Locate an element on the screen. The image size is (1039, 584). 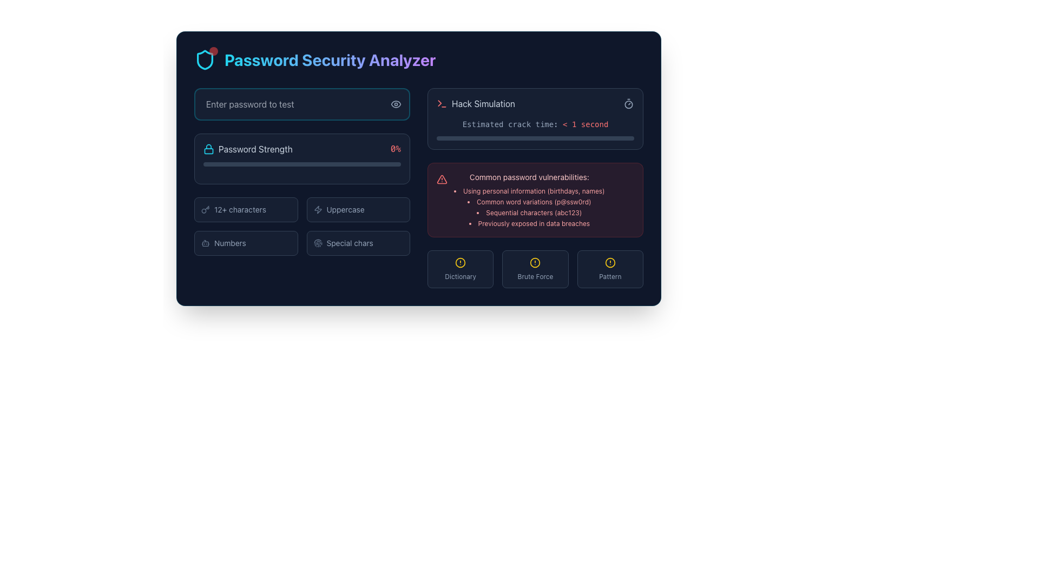
the text label displaying 'Estimated crack time:' located in the 'Hack Simulation' section, above the red text '<1 second' is located at coordinates (512, 124).